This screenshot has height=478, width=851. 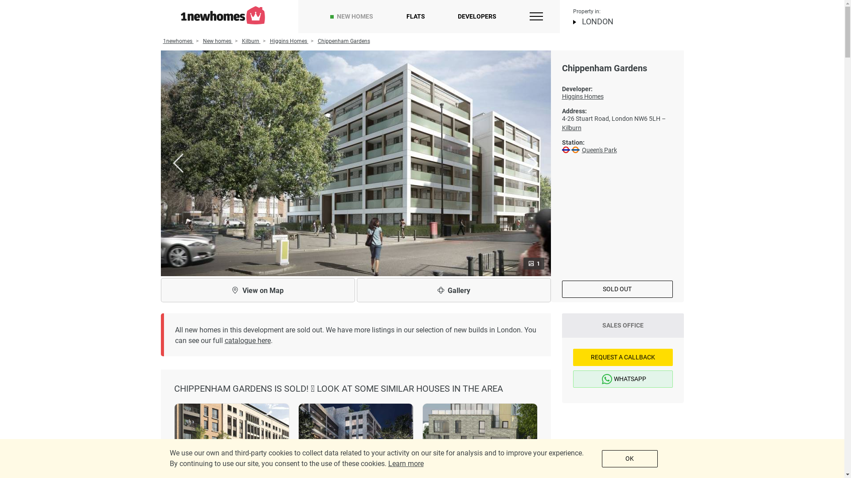 I want to click on 'Queen's Park', so click(x=599, y=150).